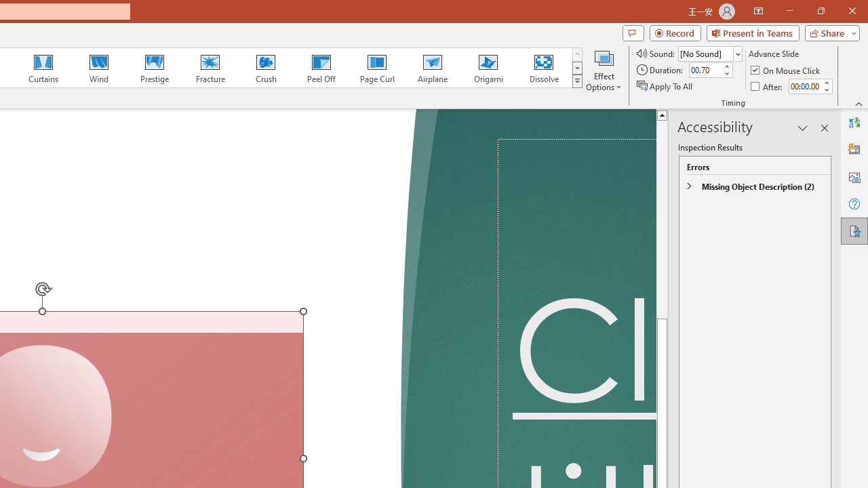  What do you see at coordinates (488, 68) in the screenshot?
I see `'Origami'` at bounding box center [488, 68].